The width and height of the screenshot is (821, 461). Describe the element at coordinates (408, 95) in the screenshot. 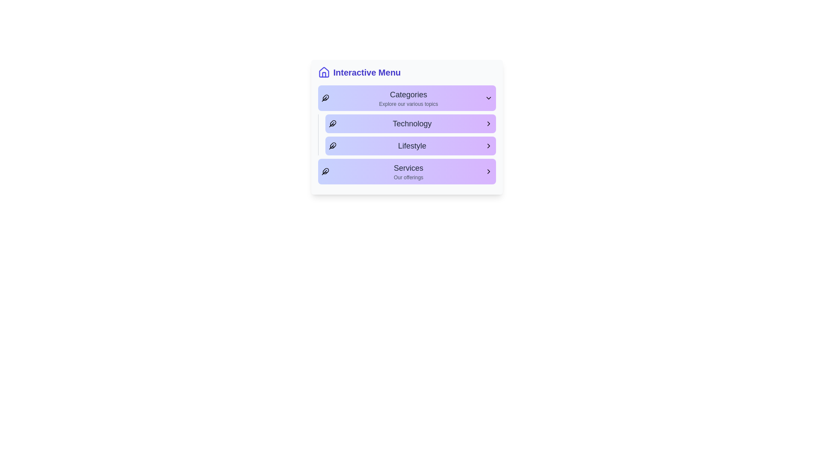

I see `the Text Label that serves as the title for the 'Categories' section, which is located above the subtitle 'Explore our various topics'` at that location.